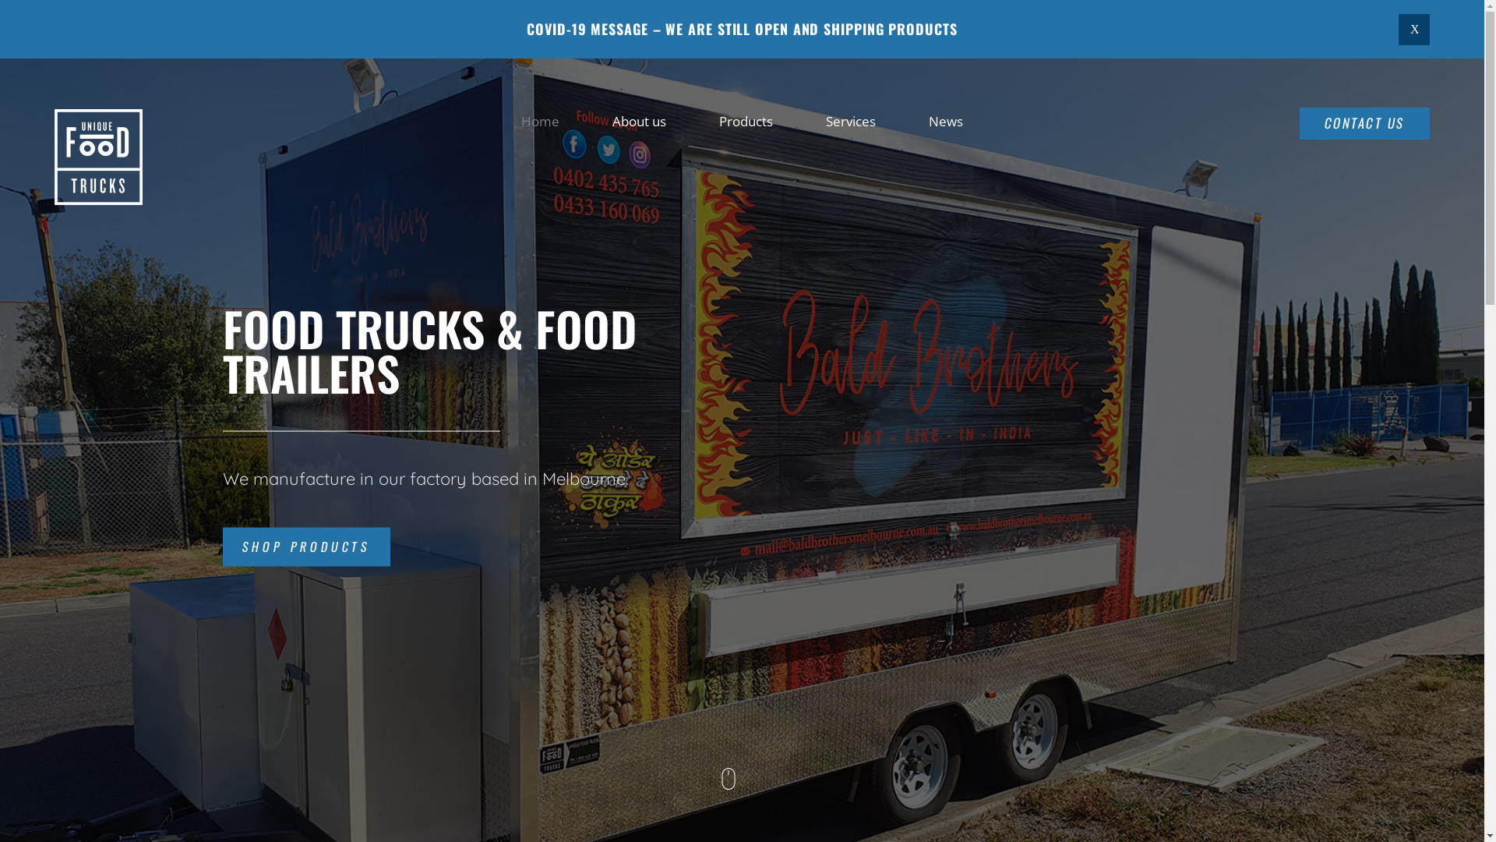 The height and width of the screenshot is (842, 1496). I want to click on 'SHOP PRODUCTS', so click(306, 547).